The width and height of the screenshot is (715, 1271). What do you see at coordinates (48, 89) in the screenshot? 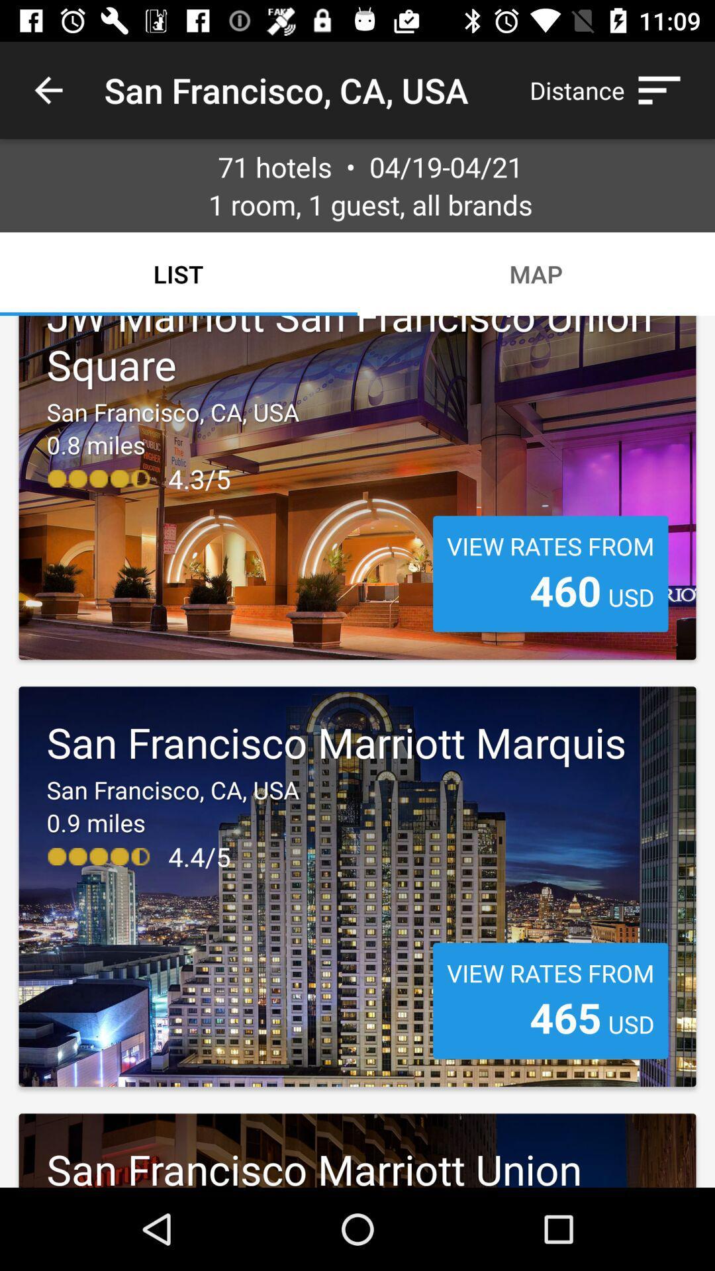
I see `icon next to san francisco ca item` at bounding box center [48, 89].